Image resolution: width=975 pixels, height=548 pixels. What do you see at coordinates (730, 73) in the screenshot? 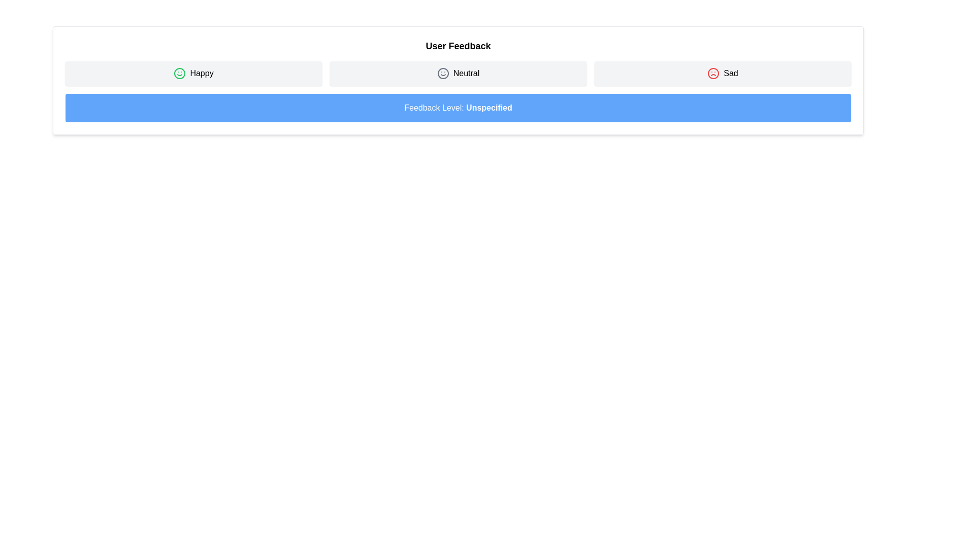
I see `the 'Sad' feedback label, which is located within the 'Sad' feedback button, positioned to the right of a sad face icon among three feedback options` at bounding box center [730, 73].